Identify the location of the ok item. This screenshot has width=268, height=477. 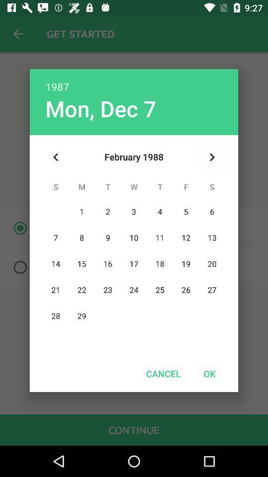
(209, 373).